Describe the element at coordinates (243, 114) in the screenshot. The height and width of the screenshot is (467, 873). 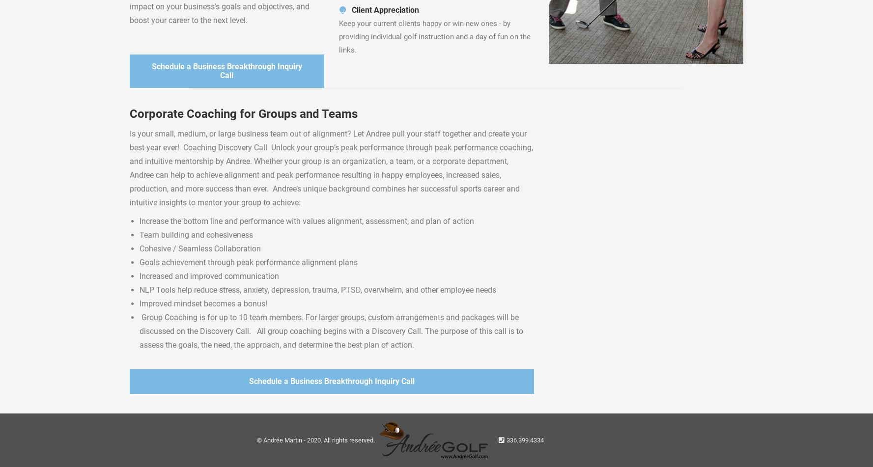
I see `'Corporate Coaching for Groups and Teams'` at that location.